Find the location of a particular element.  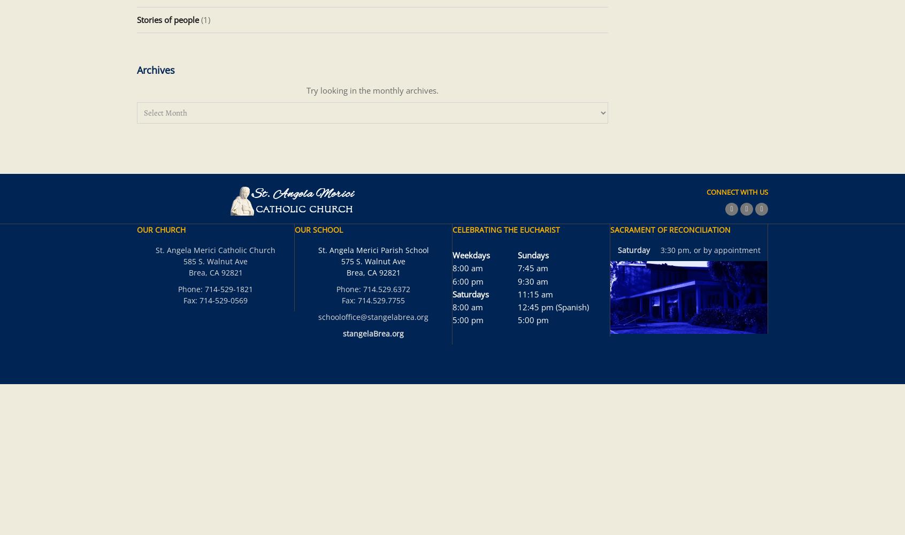

'6:00 pm' is located at coordinates (467, 281).